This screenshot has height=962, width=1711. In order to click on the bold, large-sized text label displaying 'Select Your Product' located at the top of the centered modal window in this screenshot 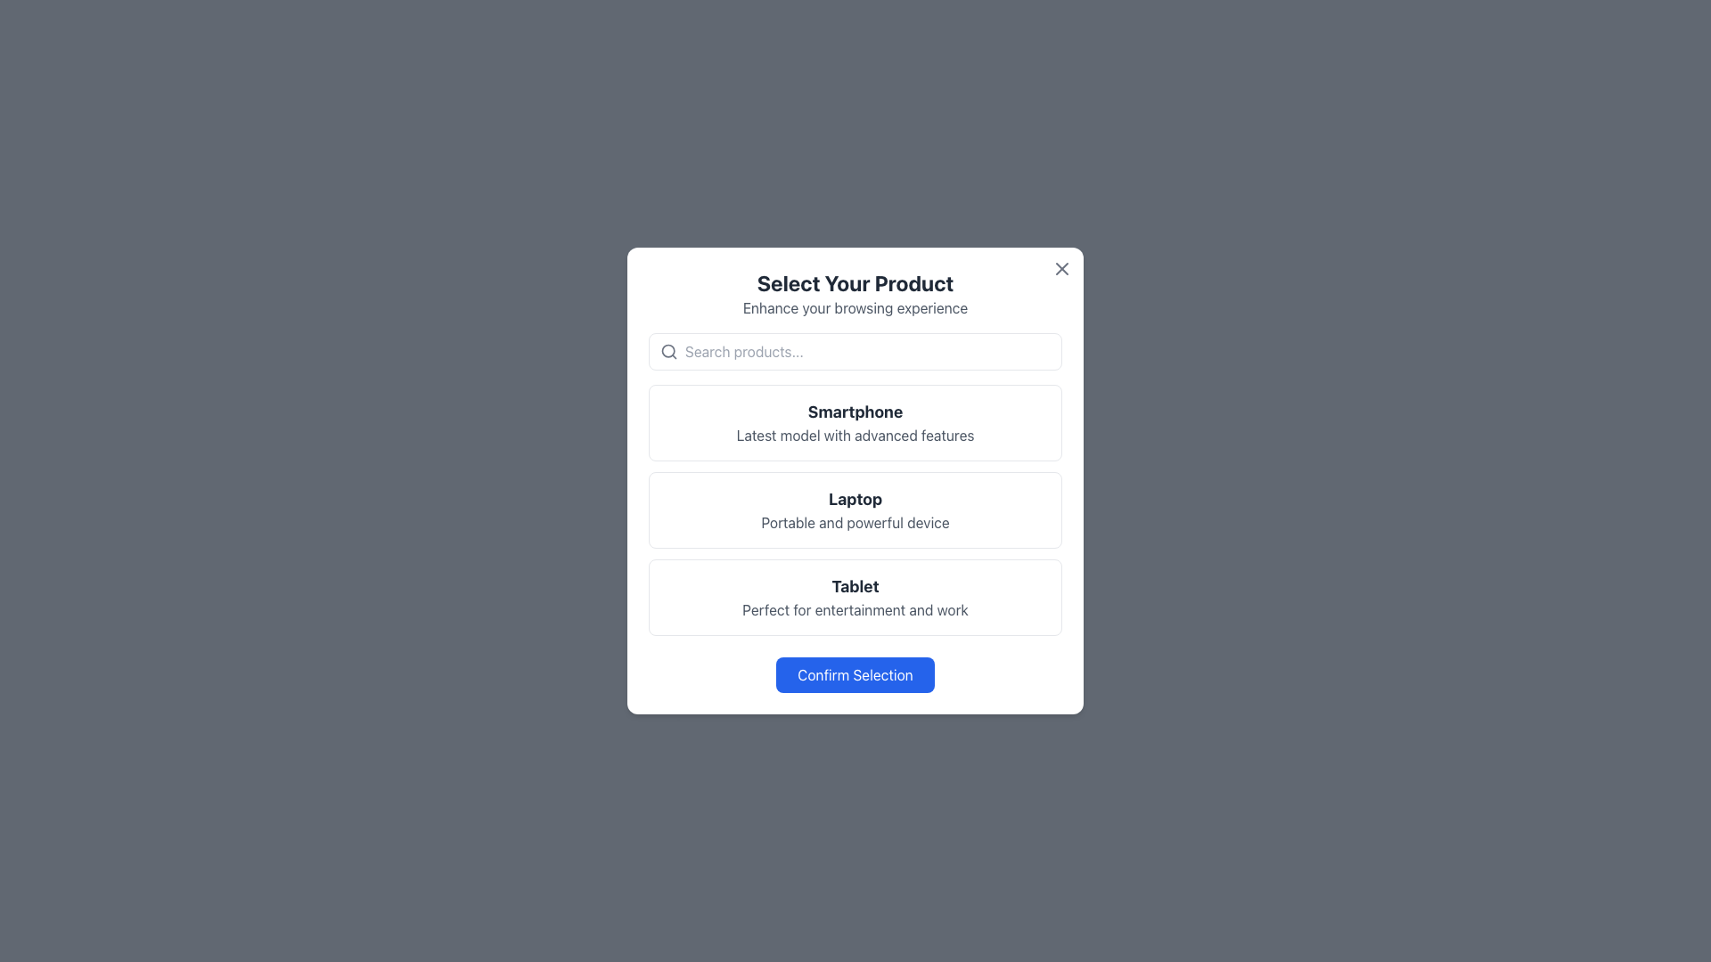, I will do `click(855, 281)`.